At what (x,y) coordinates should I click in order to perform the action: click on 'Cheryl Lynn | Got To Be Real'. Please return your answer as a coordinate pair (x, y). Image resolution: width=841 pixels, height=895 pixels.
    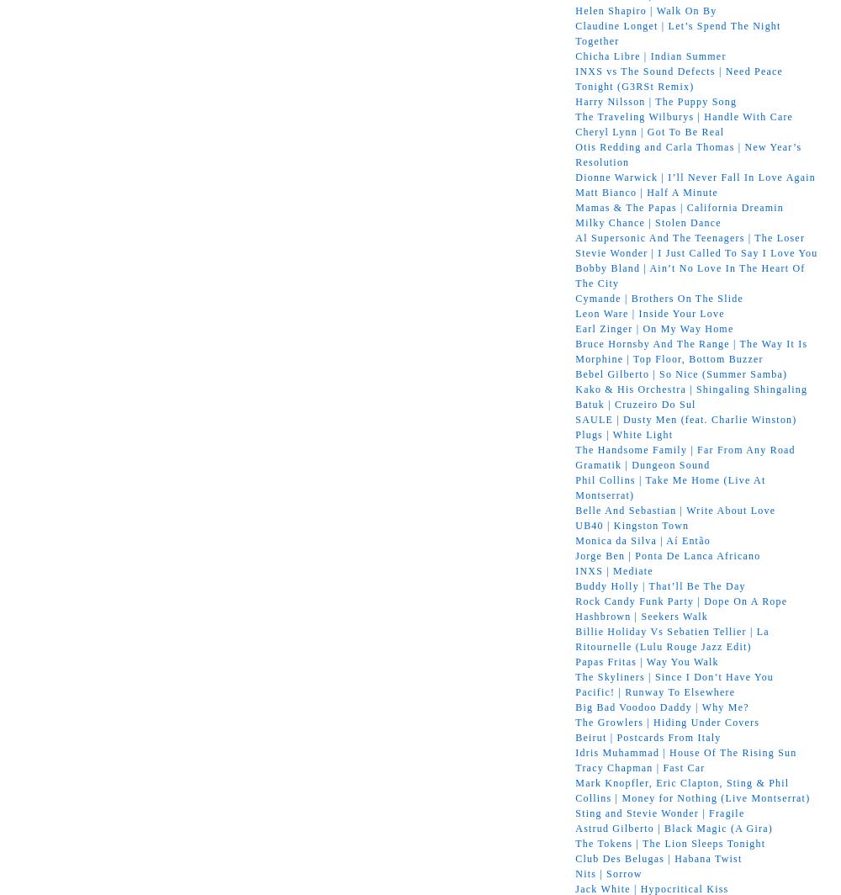
    Looking at the image, I should click on (649, 130).